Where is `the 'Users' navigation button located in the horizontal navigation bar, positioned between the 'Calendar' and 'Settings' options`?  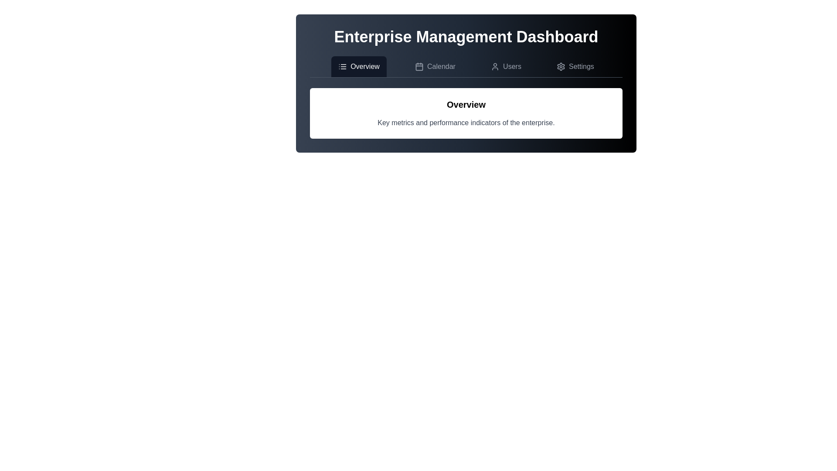
the 'Users' navigation button located in the horizontal navigation bar, positioned between the 'Calendar' and 'Settings' options is located at coordinates (506, 66).